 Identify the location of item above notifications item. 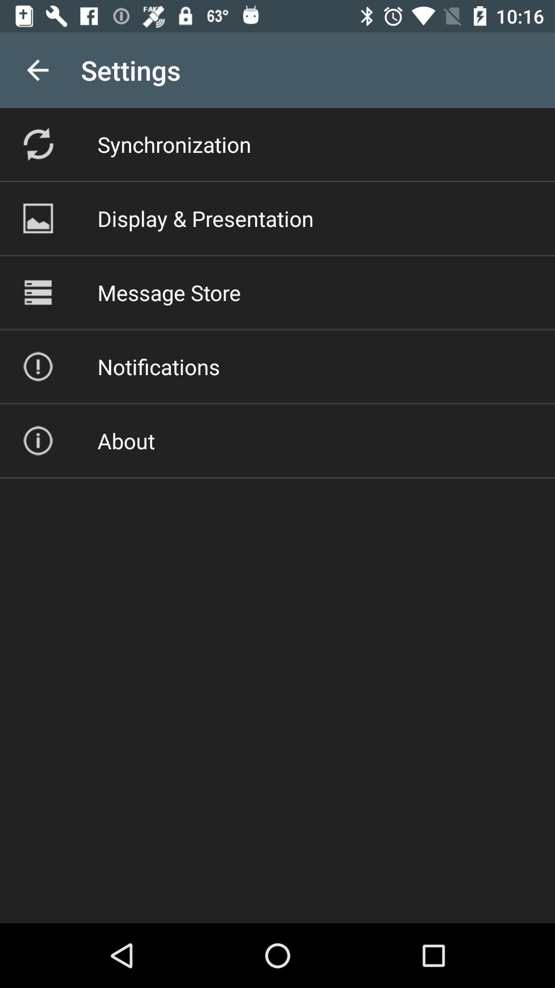
(169, 292).